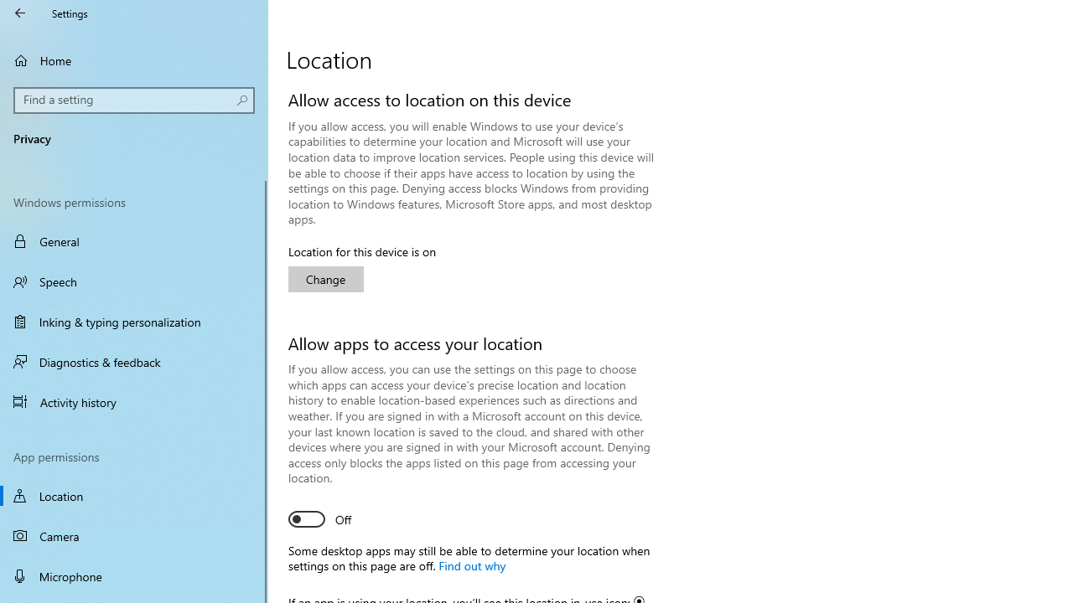  Describe the element at coordinates (134, 241) in the screenshot. I see `'General'` at that location.